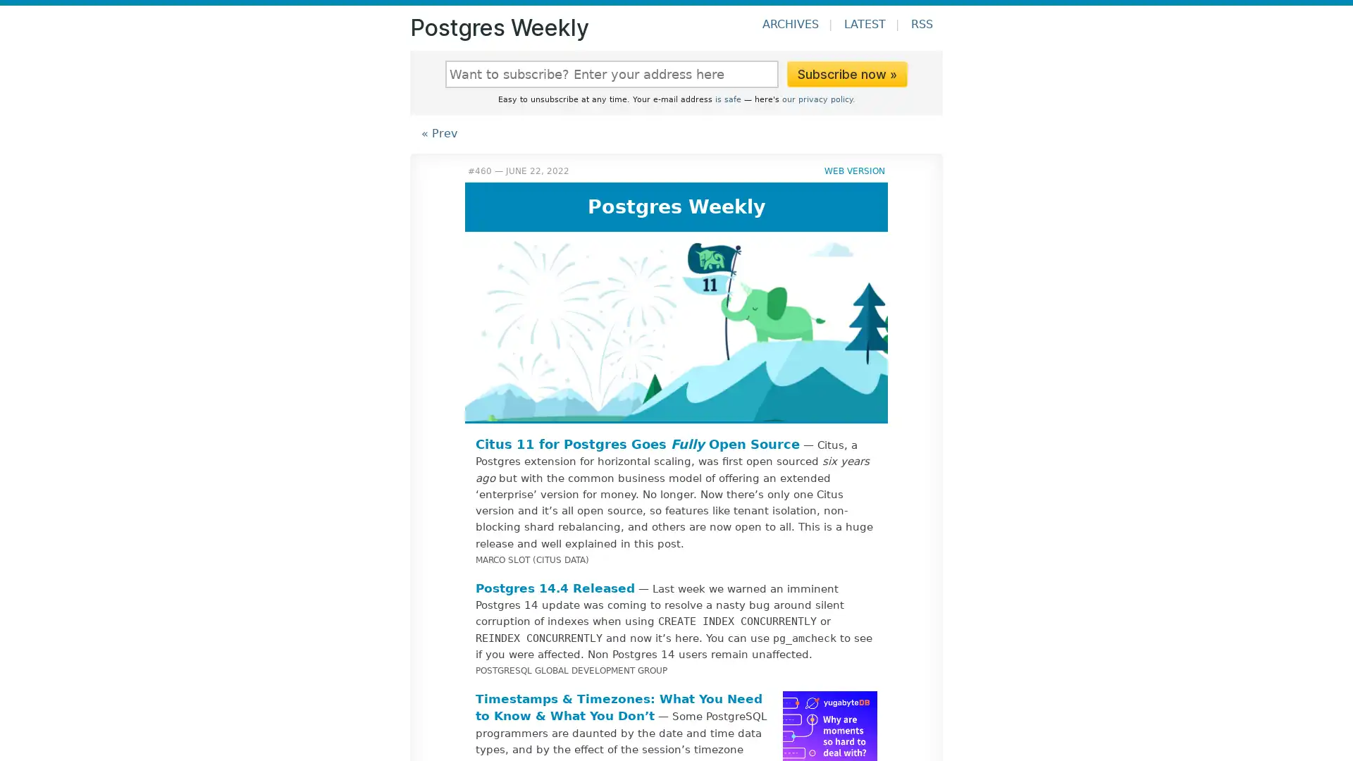 The height and width of the screenshot is (761, 1353). Describe the element at coordinates (846, 74) in the screenshot. I see `Subscribe now` at that location.